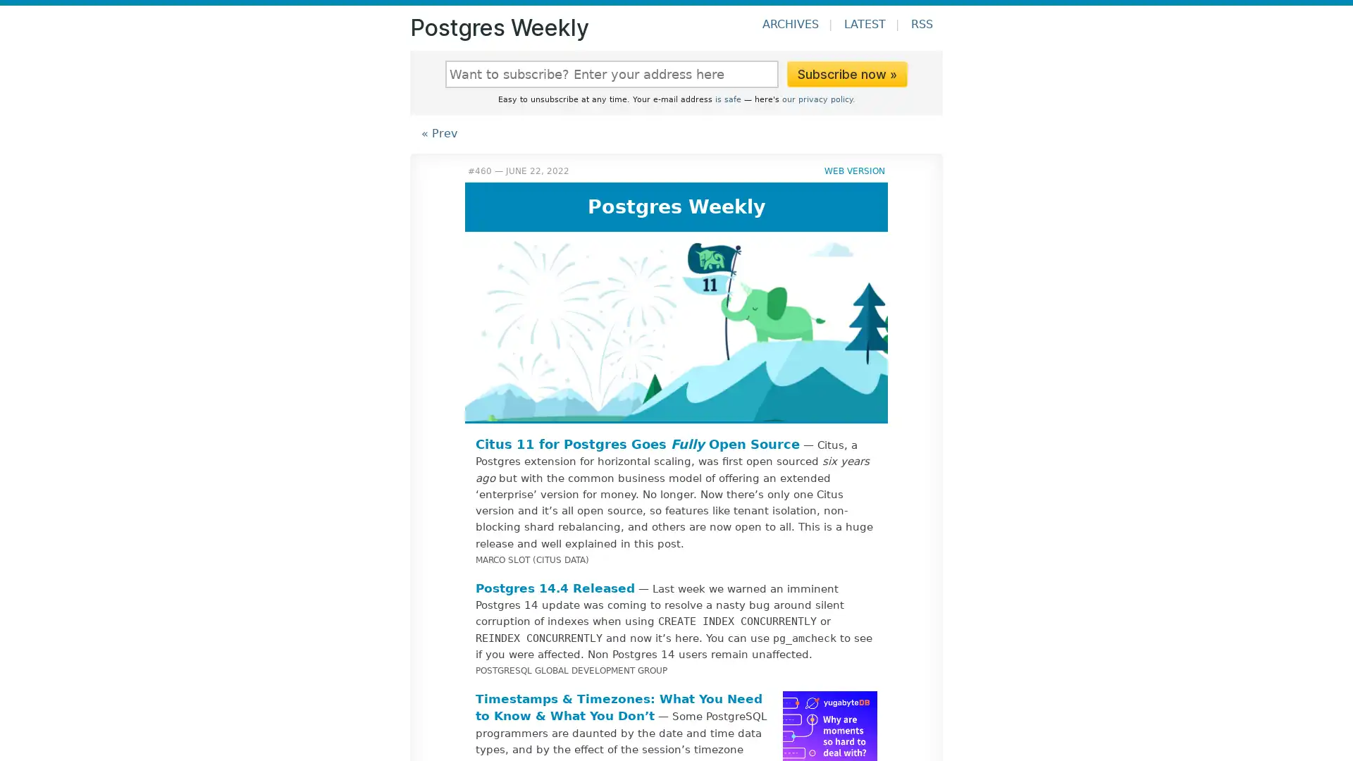 The height and width of the screenshot is (761, 1353). Describe the element at coordinates (846, 74) in the screenshot. I see `Subscribe now` at that location.